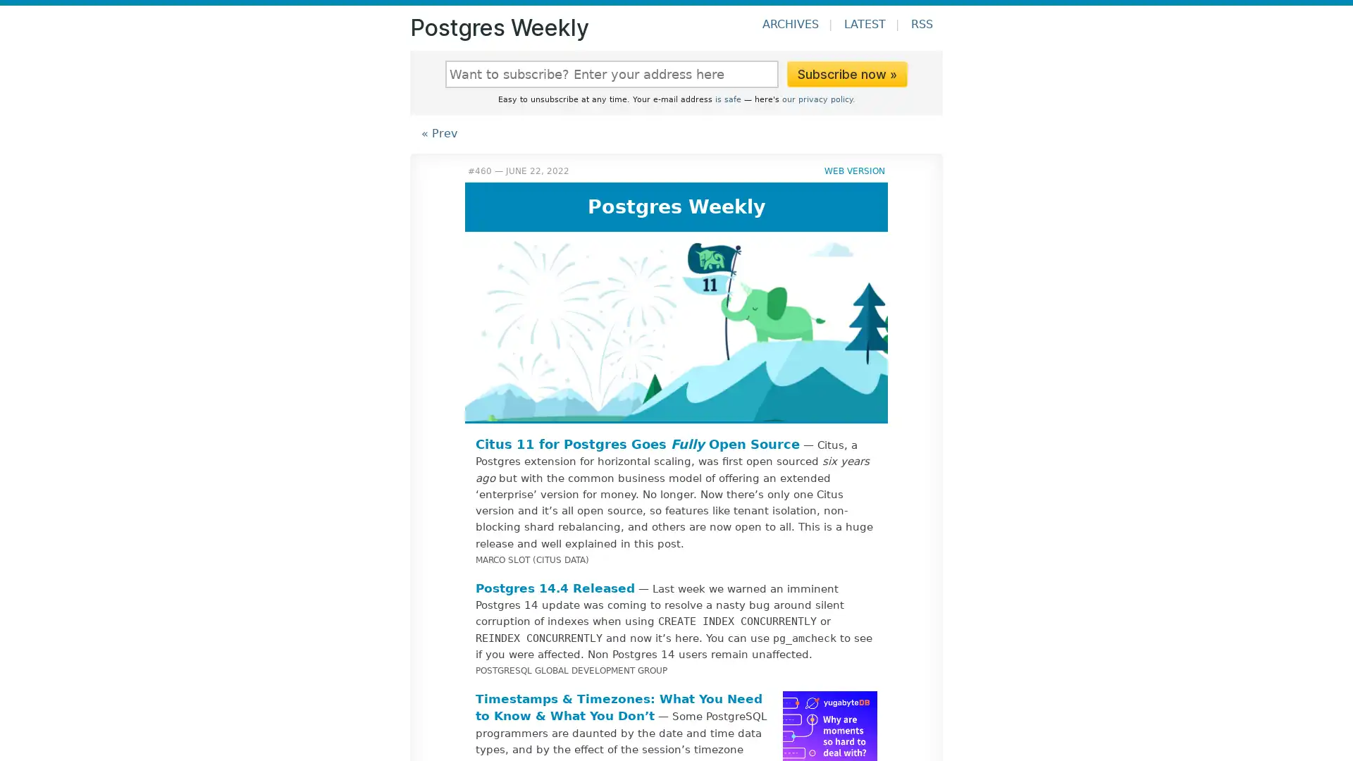 The height and width of the screenshot is (761, 1353). Describe the element at coordinates (846, 74) in the screenshot. I see `Subscribe now` at that location.